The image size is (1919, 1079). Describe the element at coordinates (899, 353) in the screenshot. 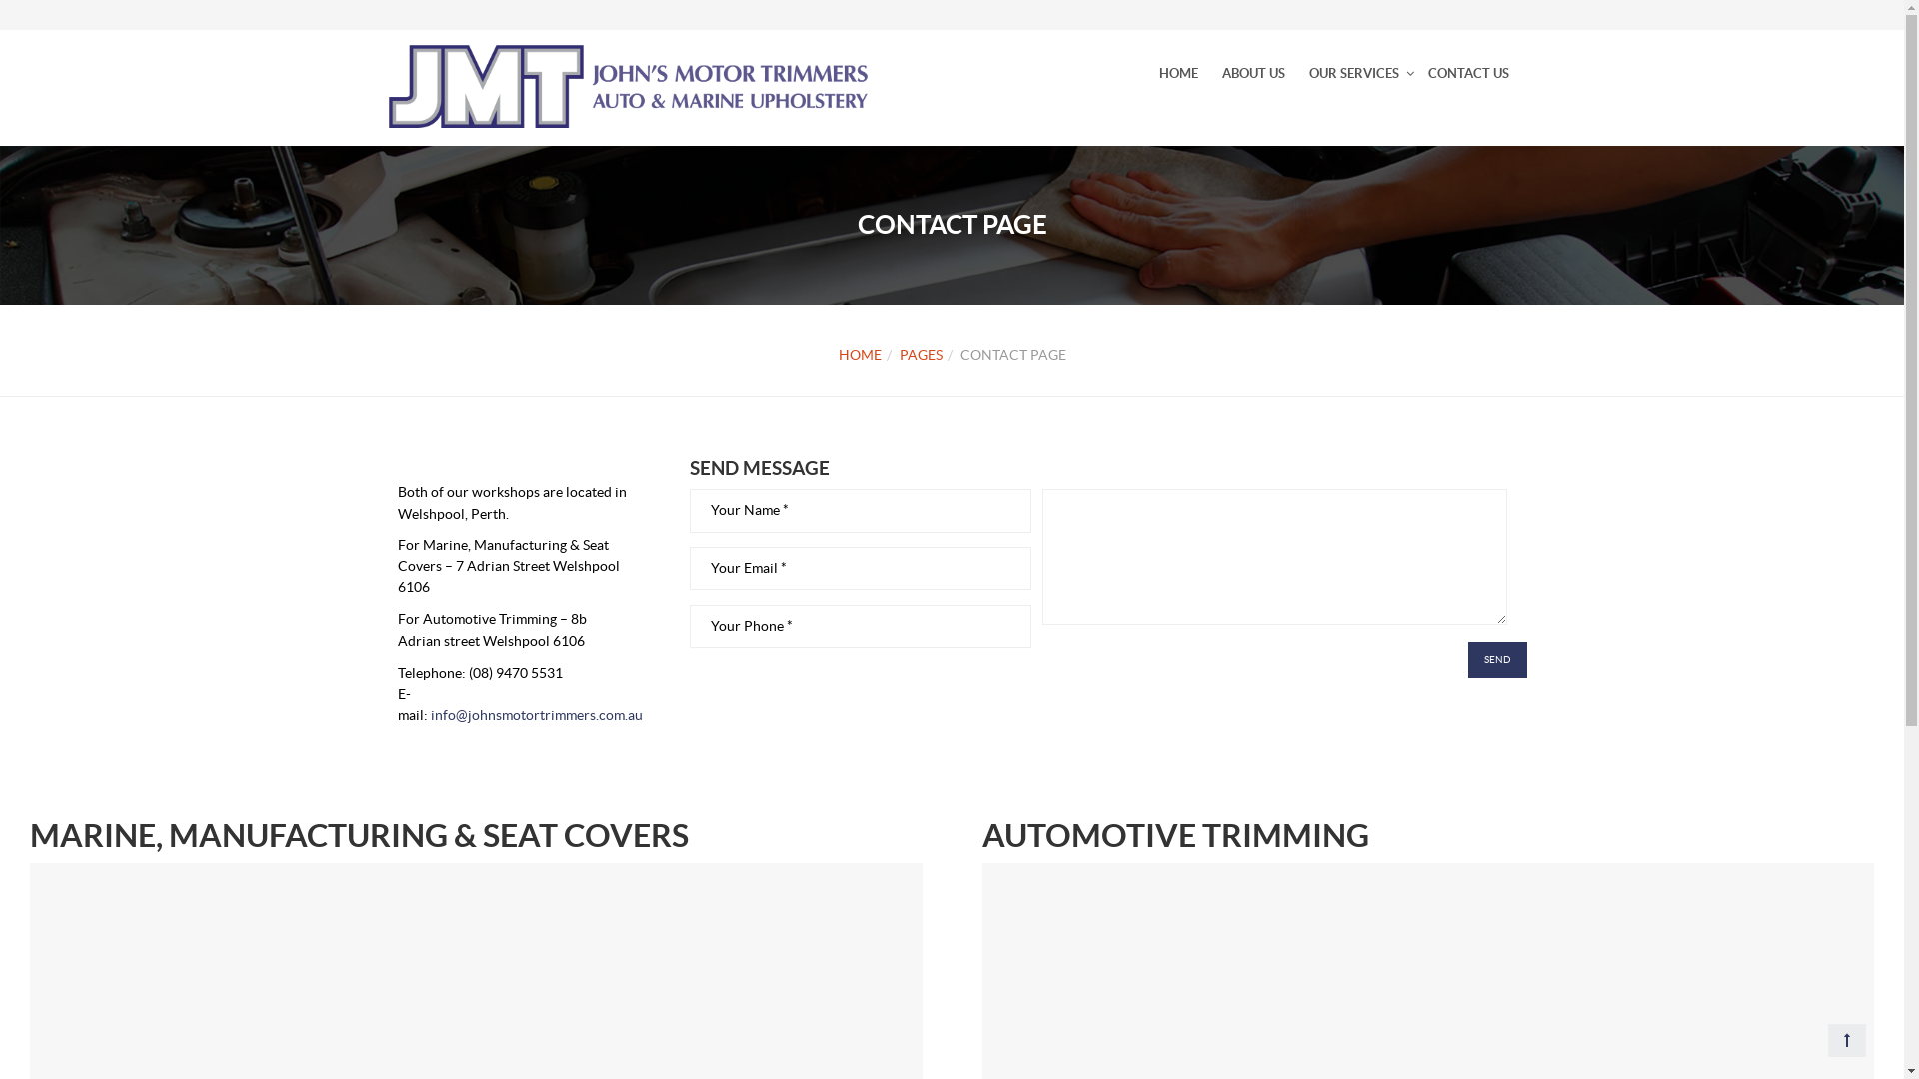

I see `'PAGES'` at that location.